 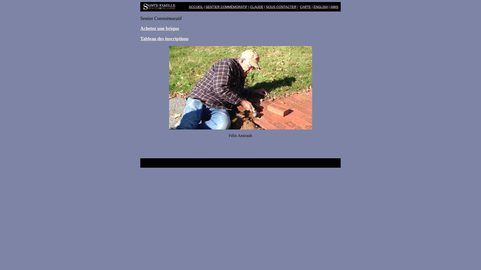 What do you see at coordinates (159, 28) in the screenshot?
I see `'Achetez une brique'` at bounding box center [159, 28].